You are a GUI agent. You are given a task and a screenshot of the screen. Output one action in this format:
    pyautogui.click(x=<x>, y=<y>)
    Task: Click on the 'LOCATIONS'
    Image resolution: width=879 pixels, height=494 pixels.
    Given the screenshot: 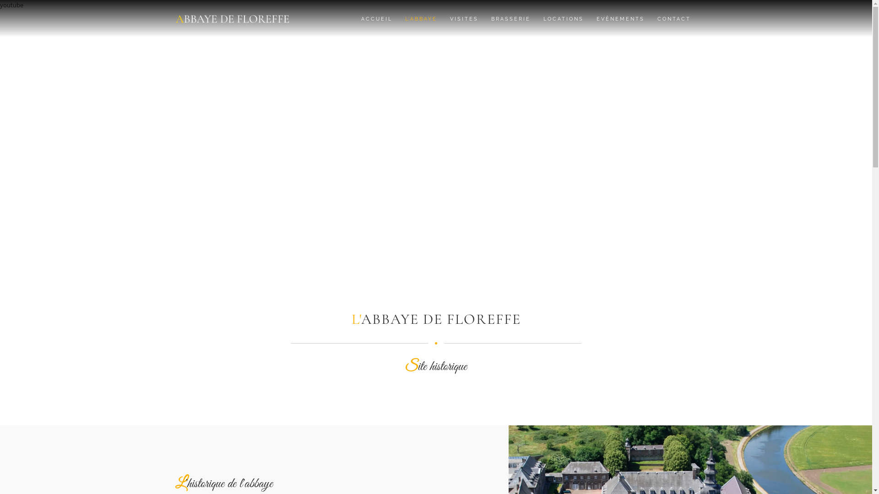 What is the action you would take?
    pyautogui.click(x=562, y=17)
    